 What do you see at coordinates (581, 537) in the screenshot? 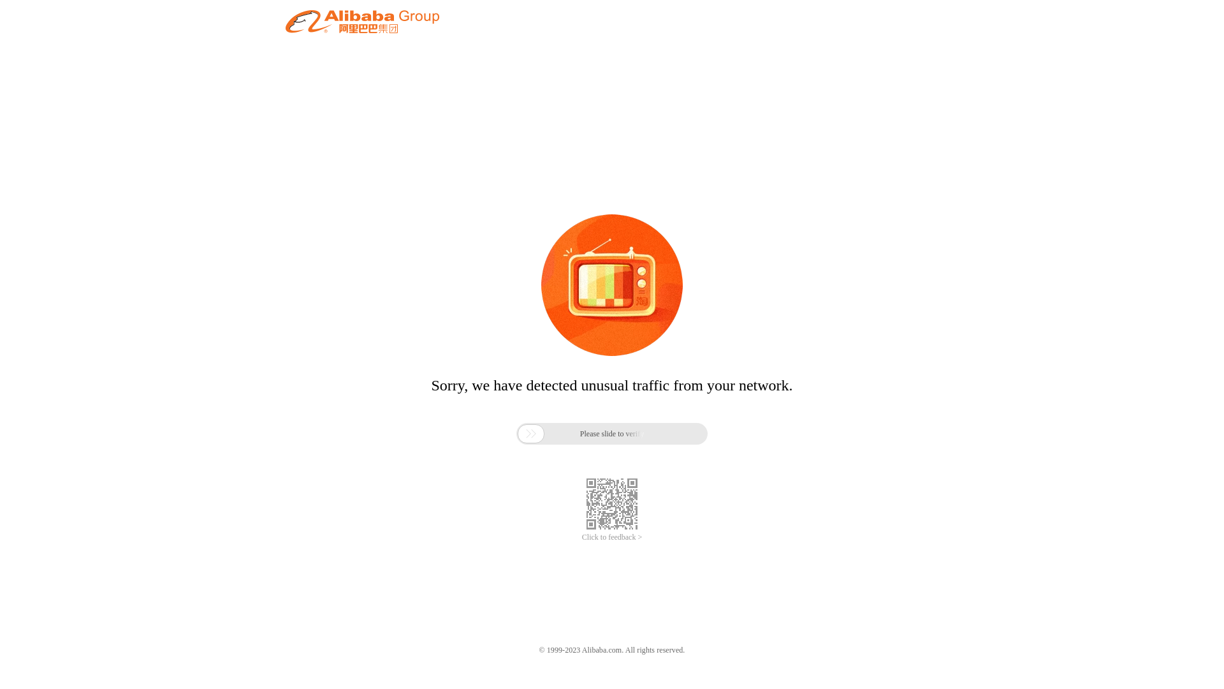
I see `'Click to feedback >'` at bounding box center [581, 537].